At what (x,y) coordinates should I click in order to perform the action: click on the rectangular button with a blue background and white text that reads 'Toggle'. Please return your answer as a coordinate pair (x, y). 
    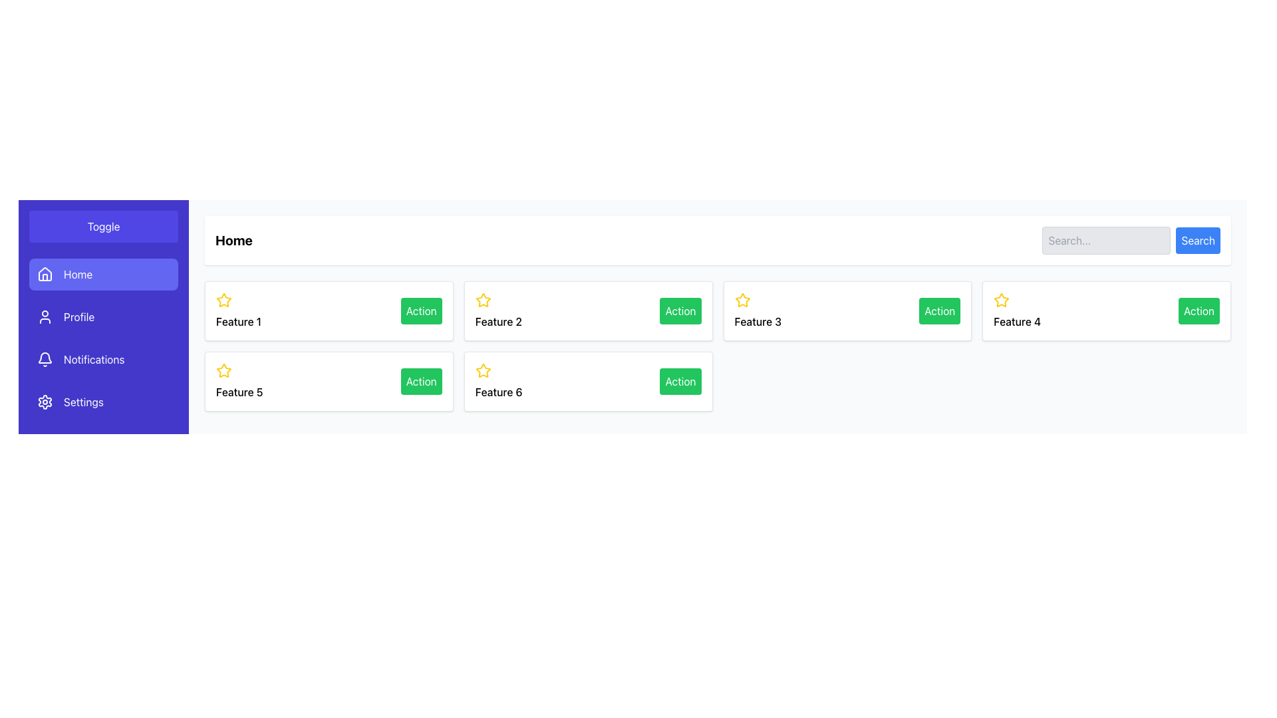
    Looking at the image, I should click on (103, 225).